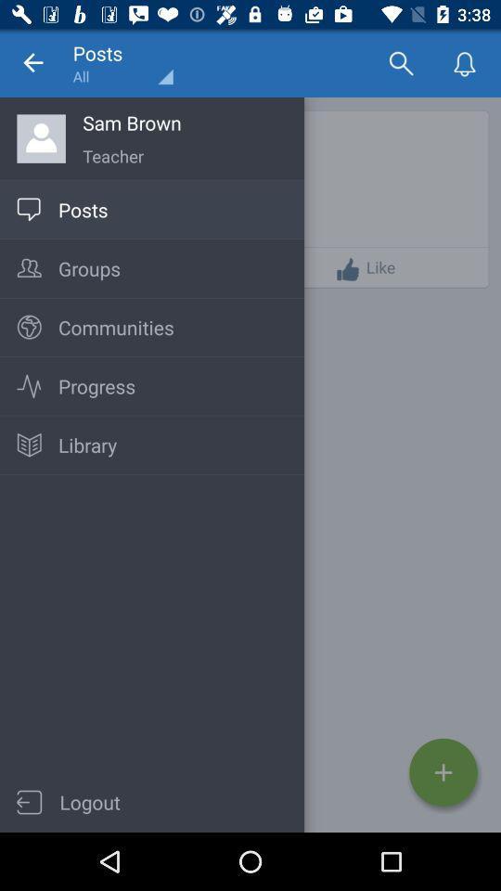 This screenshot has width=501, height=891. What do you see at coordinates (28, 445) in the screenshot?
I see `the library icon` at bounding box center [28, 445].